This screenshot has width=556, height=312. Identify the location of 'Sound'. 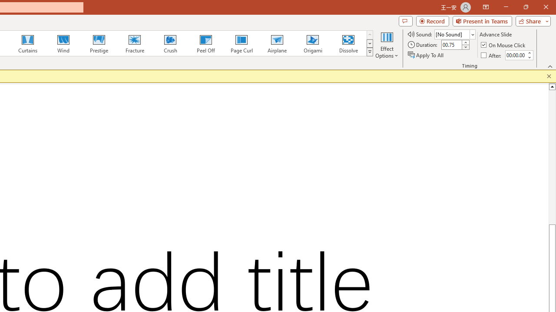
(454, 34).